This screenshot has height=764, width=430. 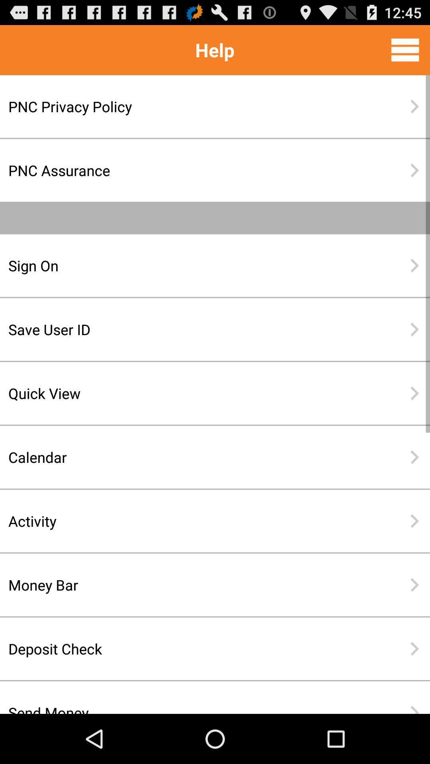 What do you see at coordinates (189, 702) in the screenshot?
I see `the send money icon` at bounding box center [189, 702].